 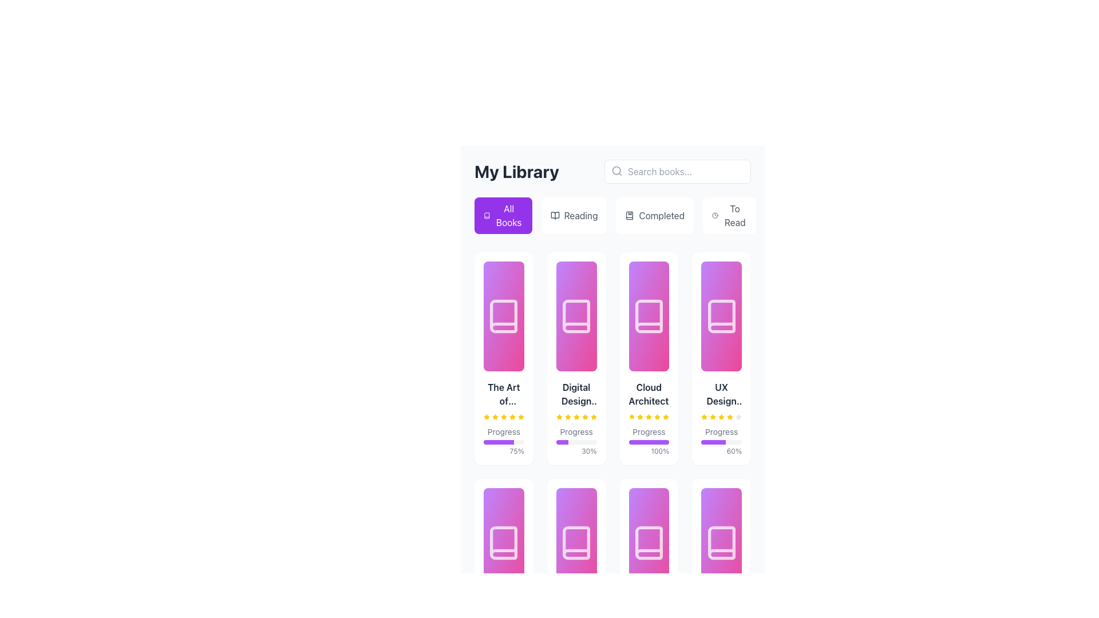 I want to click on the yellow star icon that is the second in the five-star rating group for the book 'Digital Design' located in the 'All Books' section, so click(x=568, y=417).